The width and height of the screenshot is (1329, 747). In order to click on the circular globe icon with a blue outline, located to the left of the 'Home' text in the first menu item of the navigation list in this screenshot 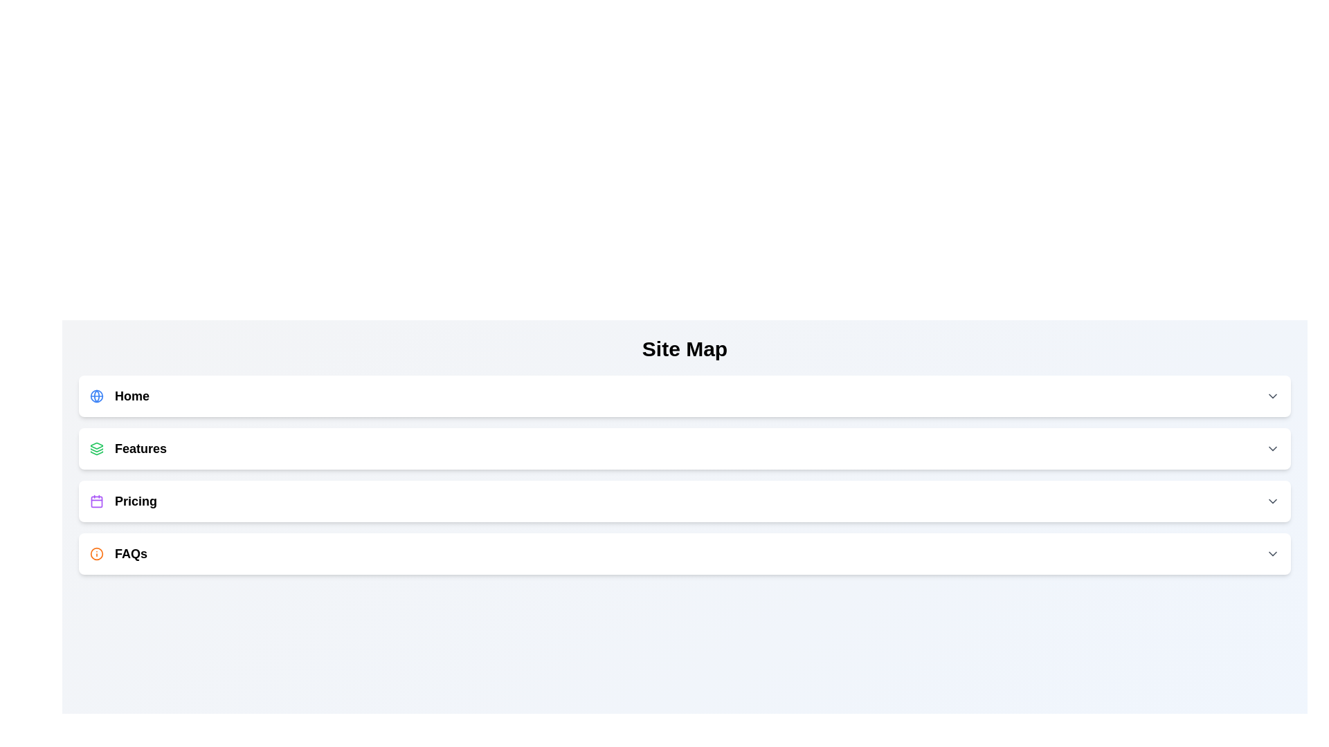, I will do `click(96, 396)`.